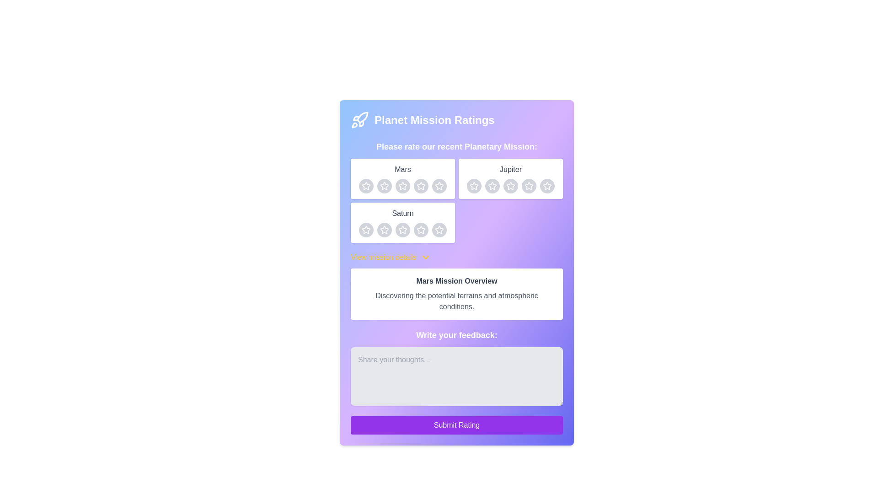  I want to click on the third rating star icon for the 'Saturn' item to assign a three-star rating in the planetary mission rating interface, so click(402, 229).